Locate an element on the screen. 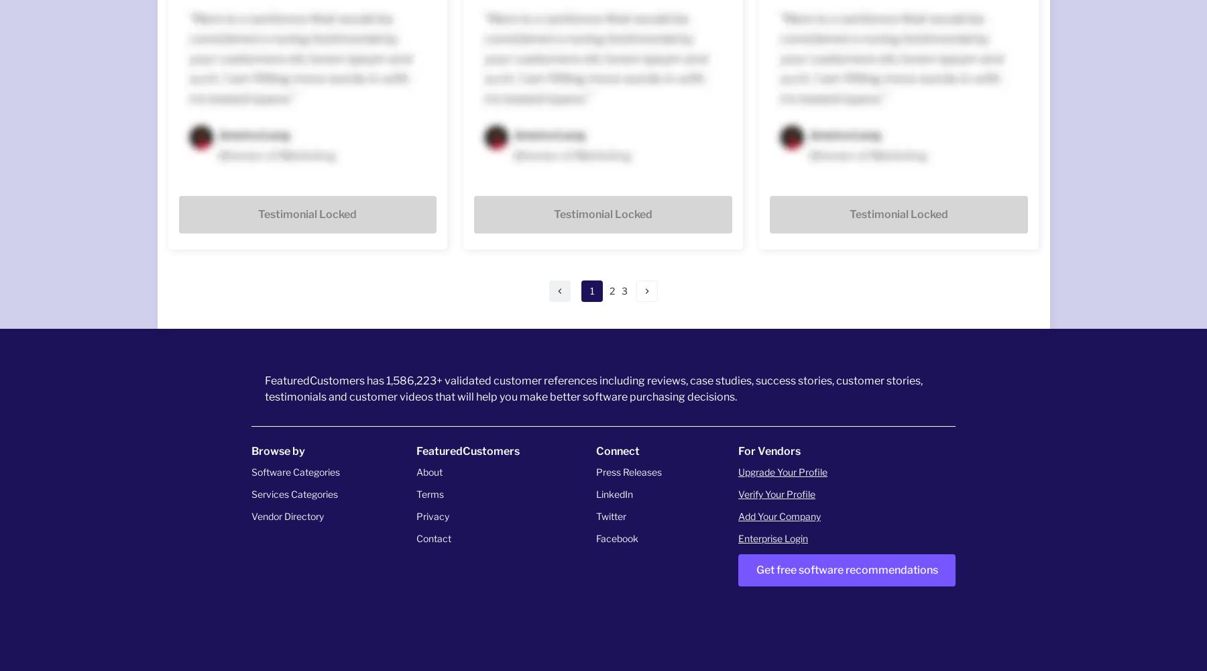 This screenshot has height=671, width=1207. 'Verify Your Profile' is located at coordinates (776, 493).